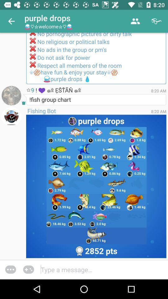 Image resolution: width=168 pixels, height=299 pixels. What do you see at coordinates (96, 58) in the screenshot?
I see `the please follow the` at bounding box center [96, 58].